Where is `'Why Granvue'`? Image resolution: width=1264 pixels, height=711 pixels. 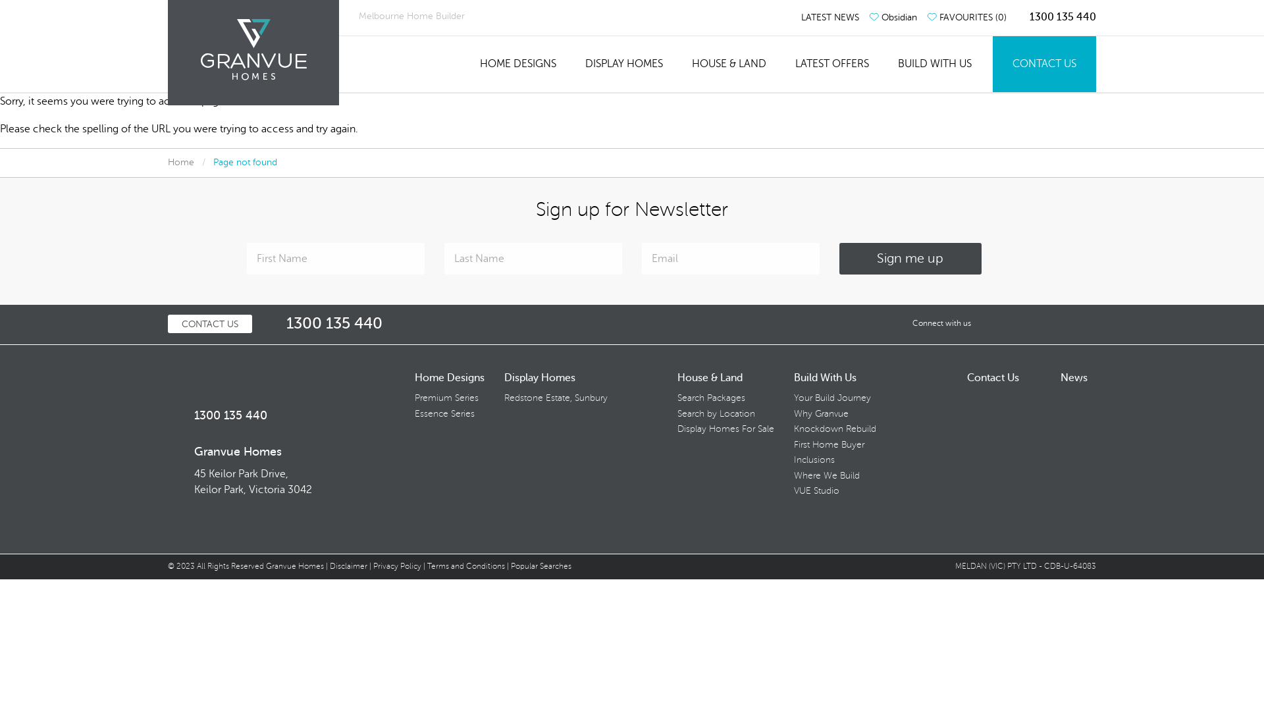 'Why Granvue' is located at coordinates (820, 413).